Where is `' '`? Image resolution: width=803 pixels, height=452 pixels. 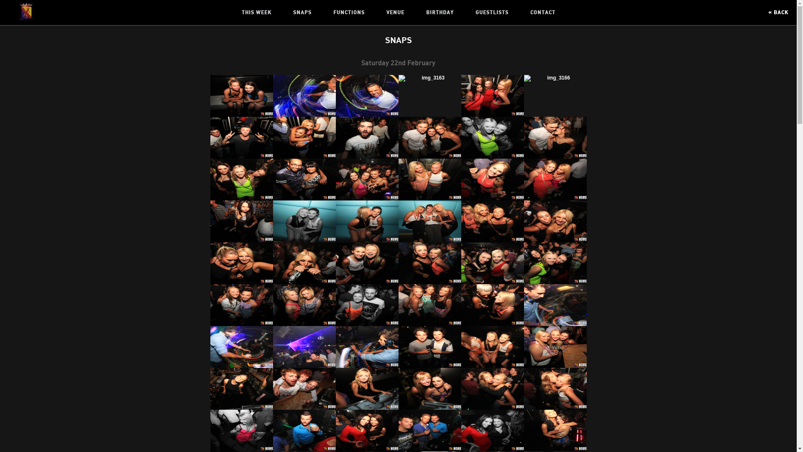
' ' is located at coordinates (523, 389).